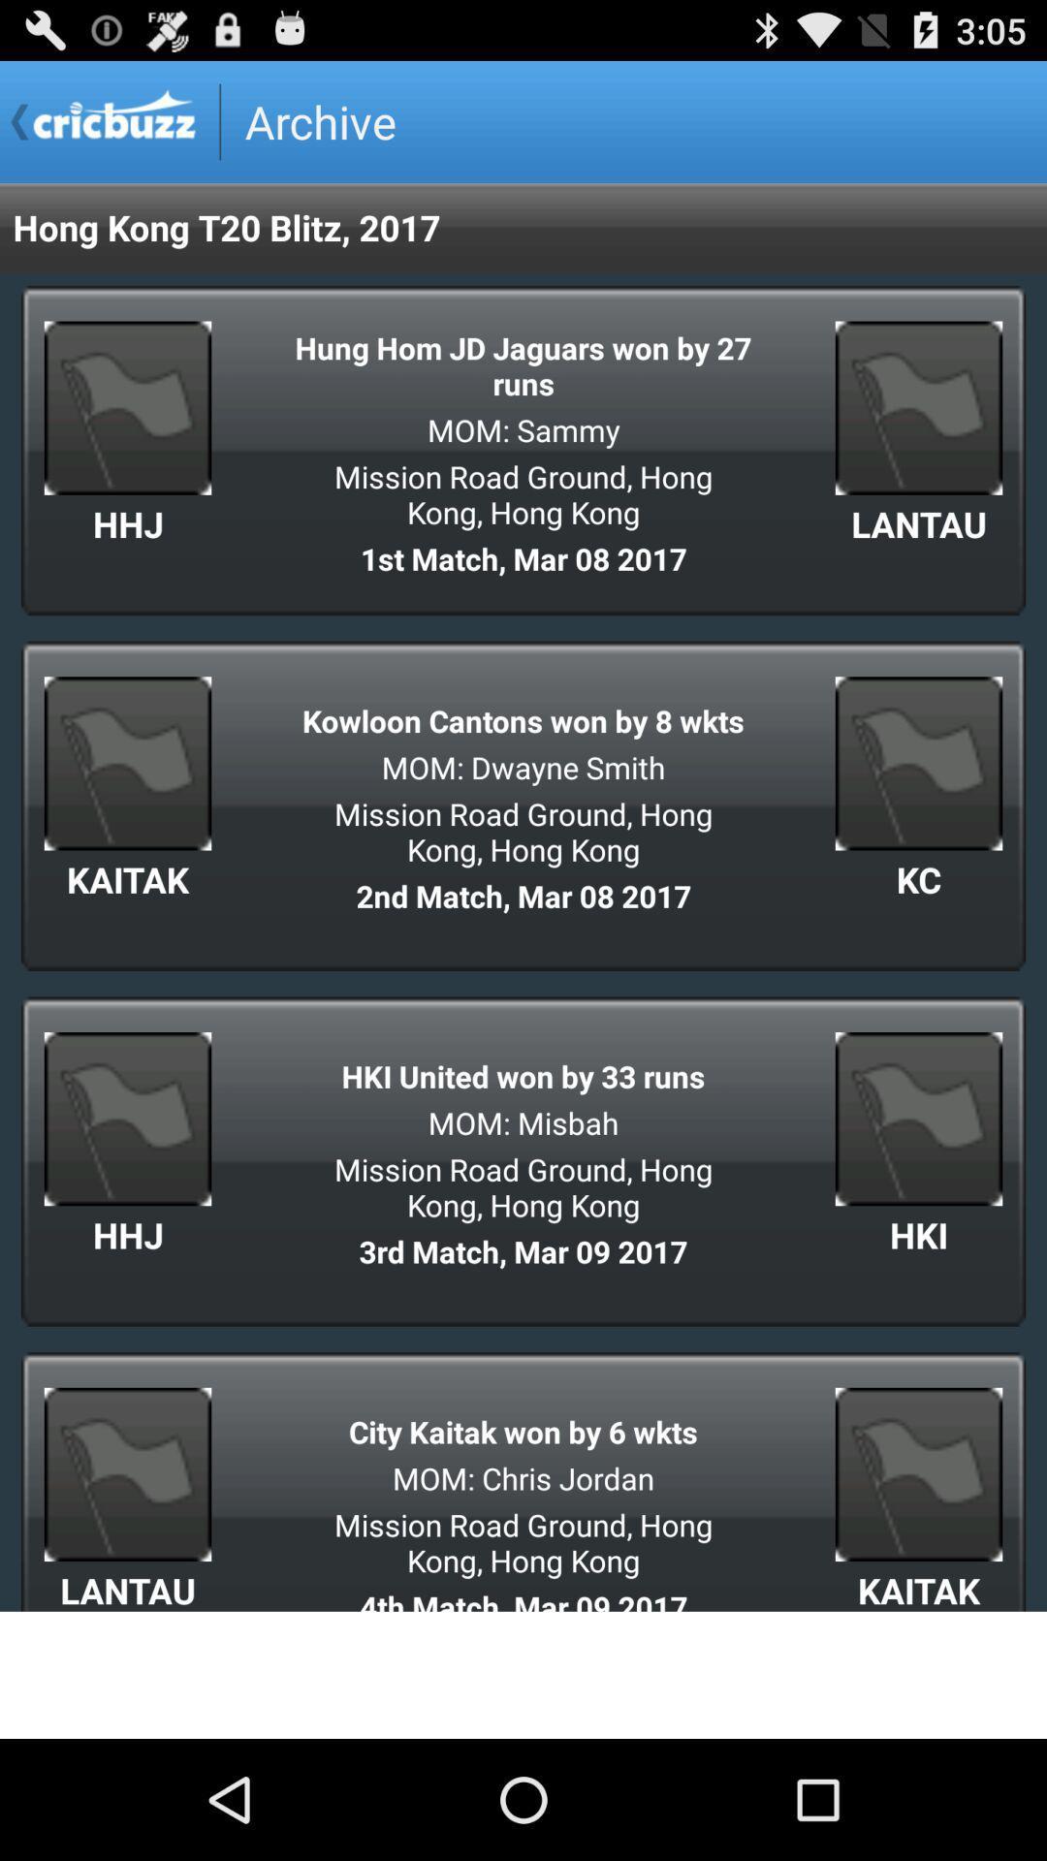 The image size is (1047, 1861). I want to click on the item below the 3rd match mar icon, so click(523, 1432).